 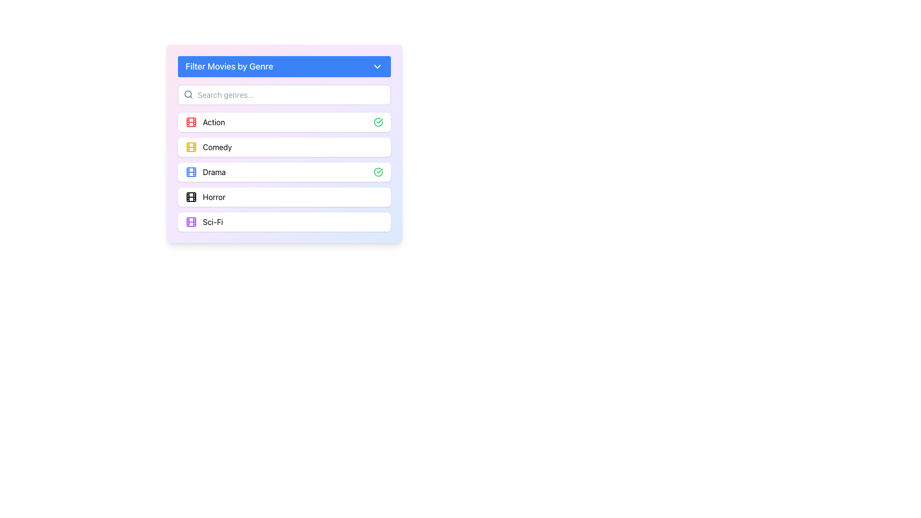 I want to click on the 'Horror' text label in the 'Filter Movies by Genre' menu, which is positioned as the fourth item between 'Drama' and 'Sci-Fi', so click(x=213, y=197).